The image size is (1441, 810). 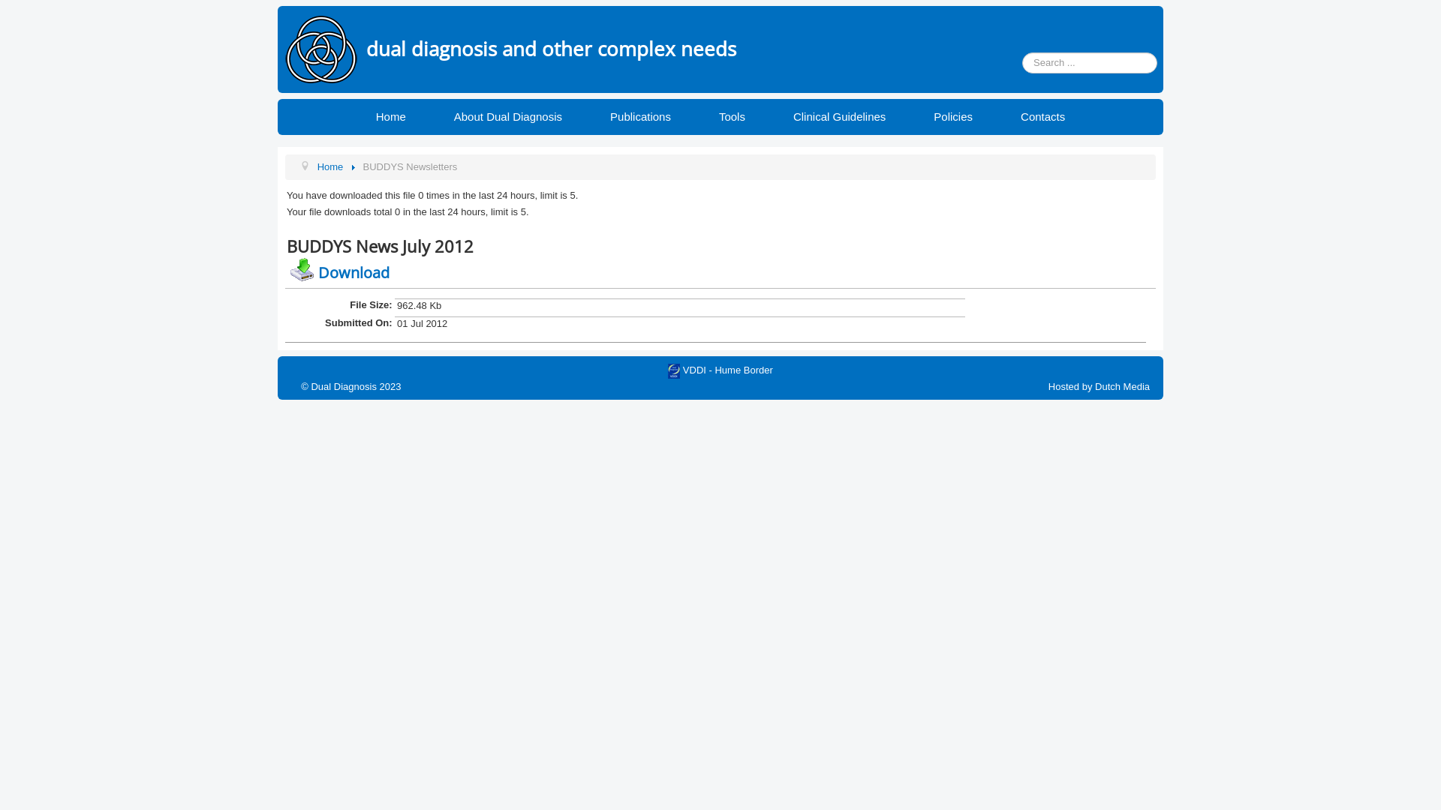 I want to click on 'Clinical Guidelines', so click(x=791, y=115).